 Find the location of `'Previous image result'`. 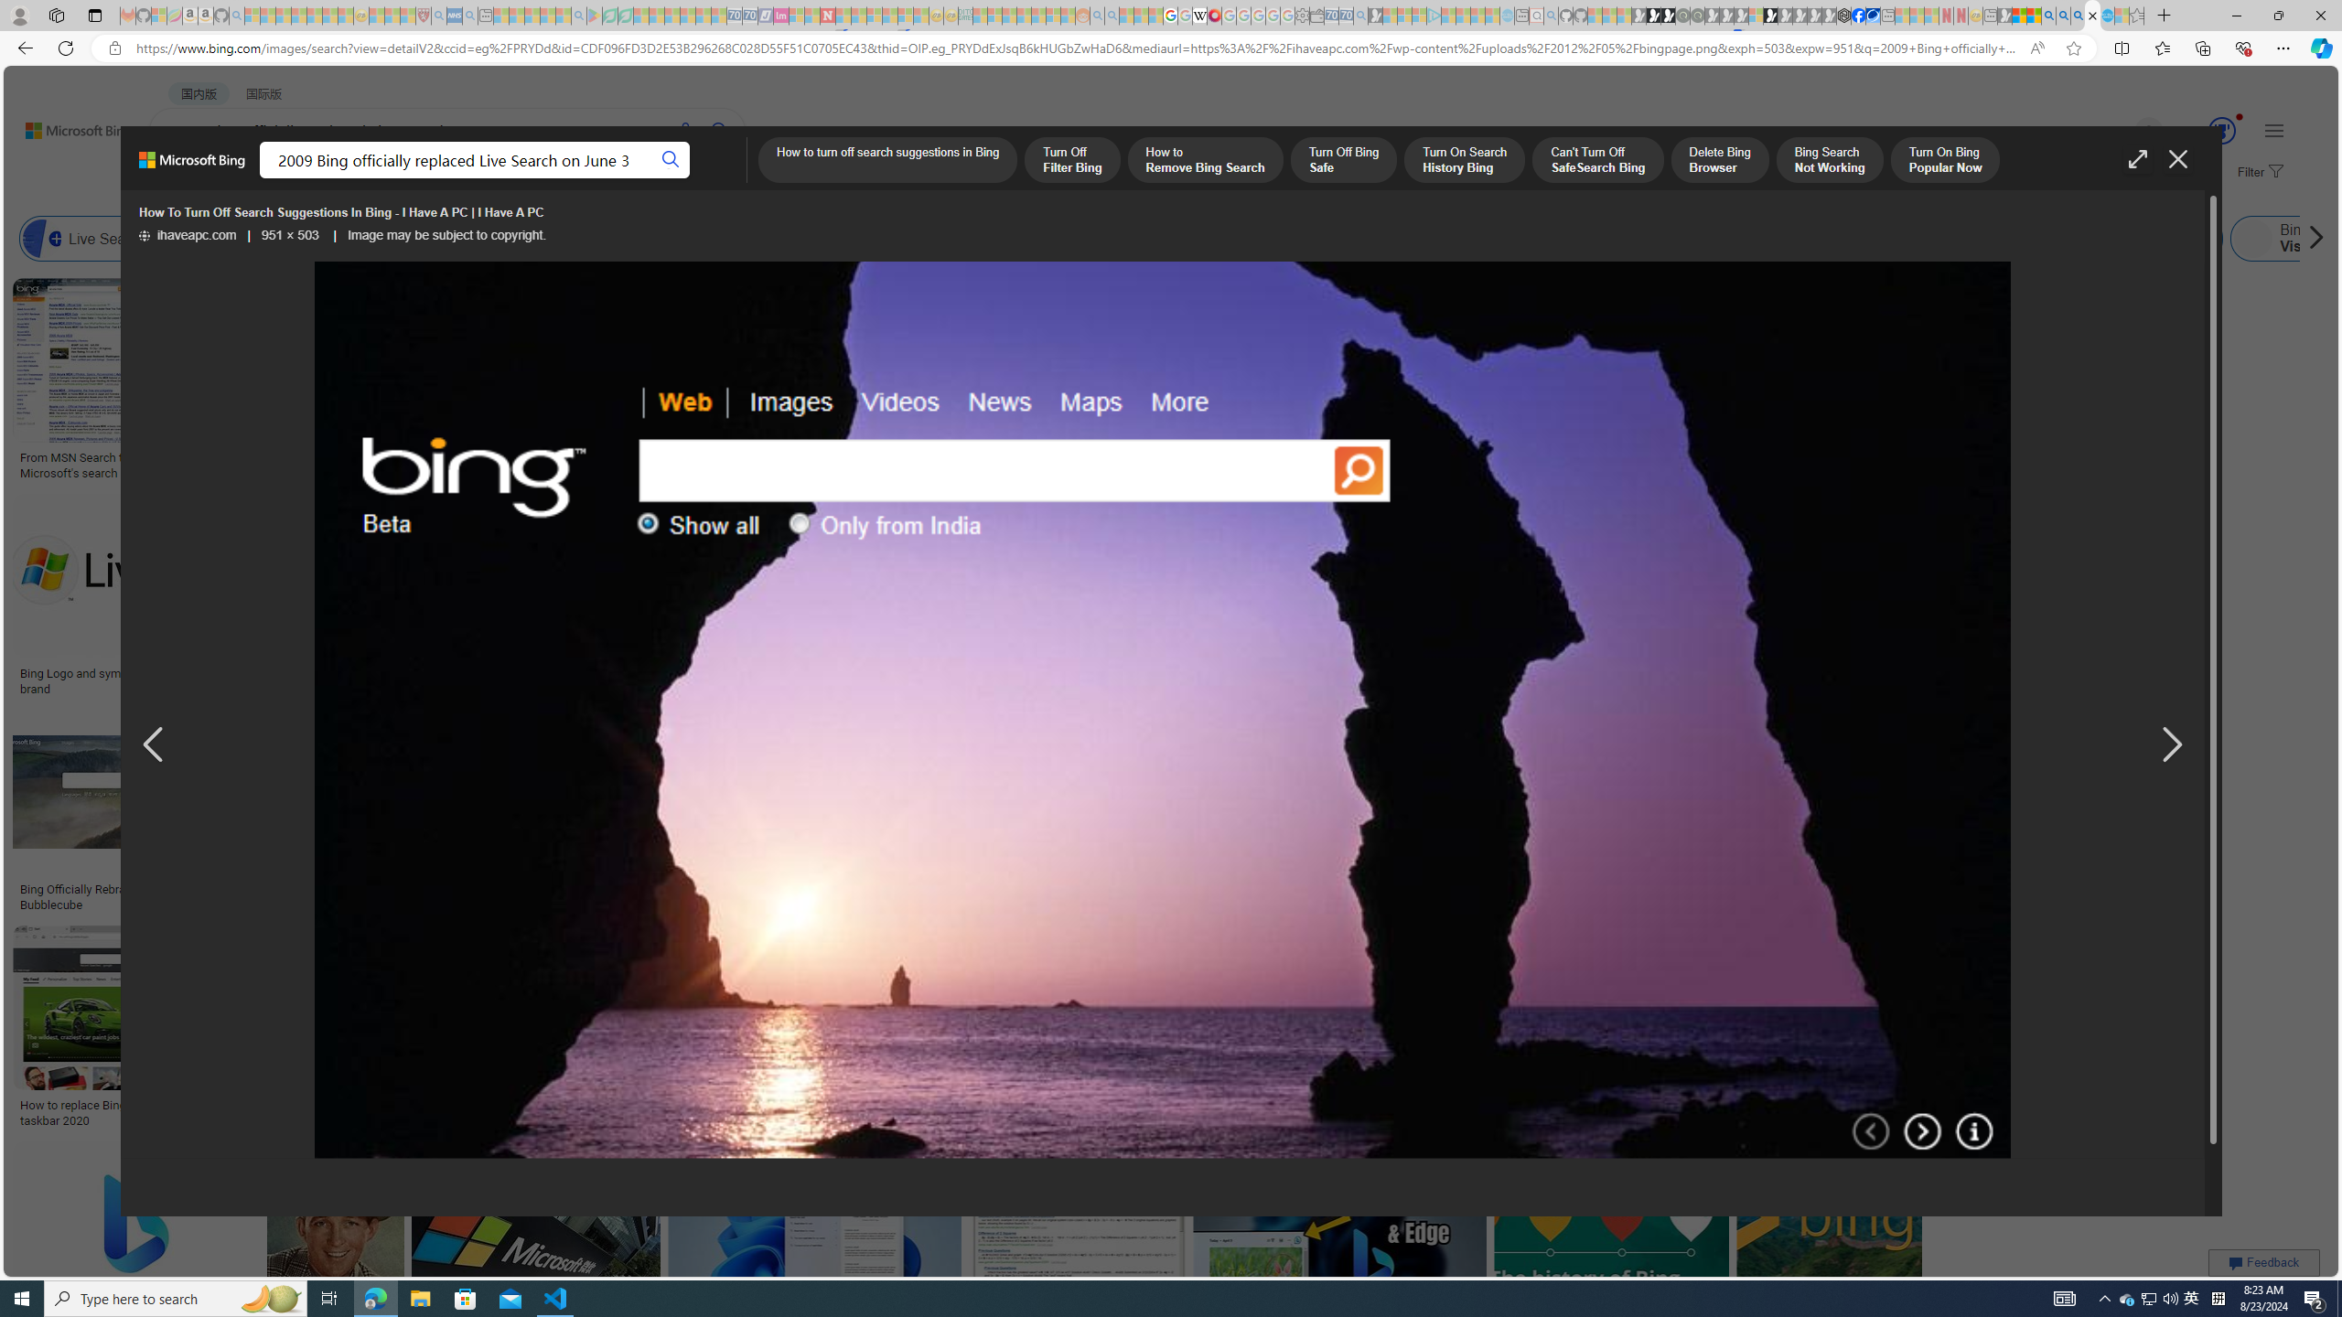

'Previous image result' is located at coordinates (153, 745).